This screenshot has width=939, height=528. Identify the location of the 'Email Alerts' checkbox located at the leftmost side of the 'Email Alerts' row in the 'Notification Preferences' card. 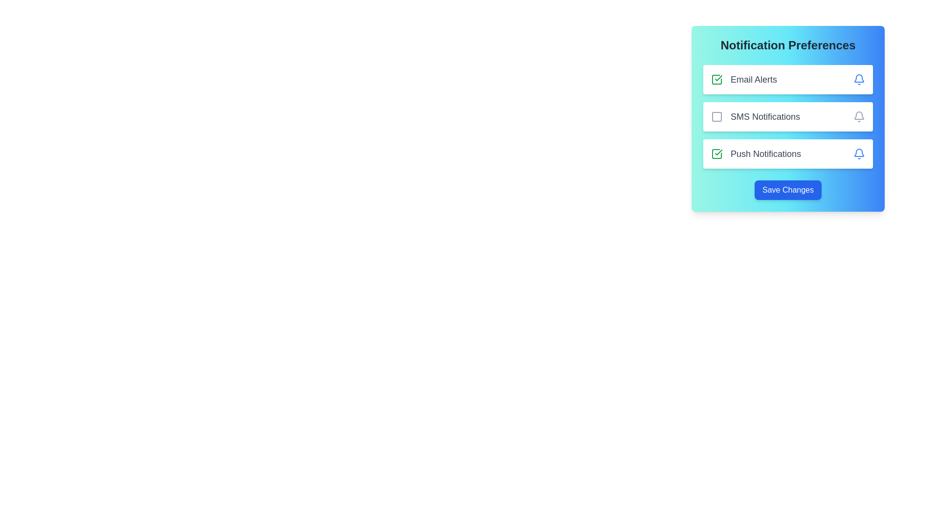
(716, 79).